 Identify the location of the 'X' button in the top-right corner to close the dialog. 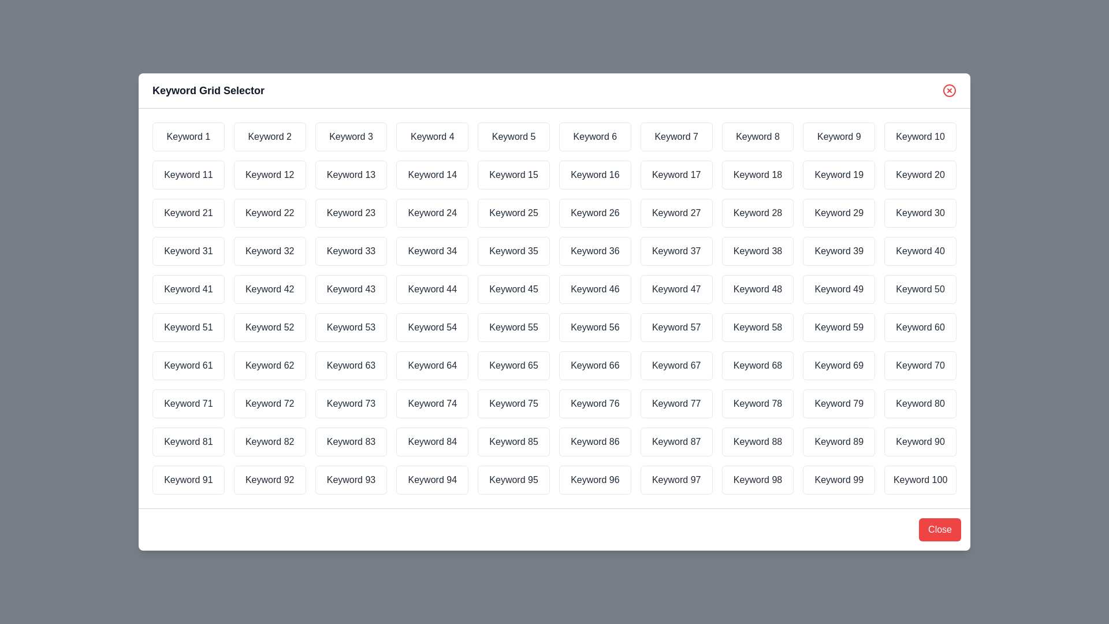
(949, 90).